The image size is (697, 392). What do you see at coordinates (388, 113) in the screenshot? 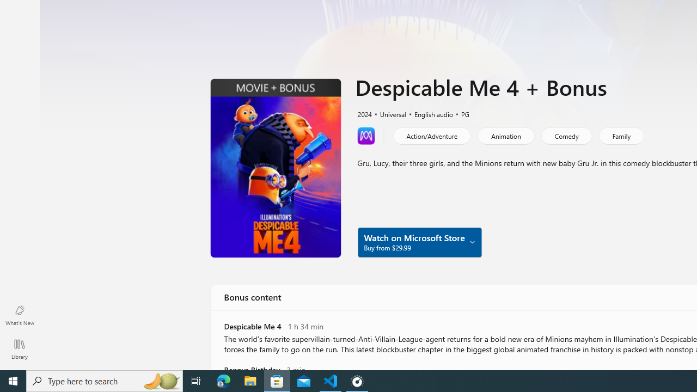
I see `'Universal'` at bounding box center [388, 113].